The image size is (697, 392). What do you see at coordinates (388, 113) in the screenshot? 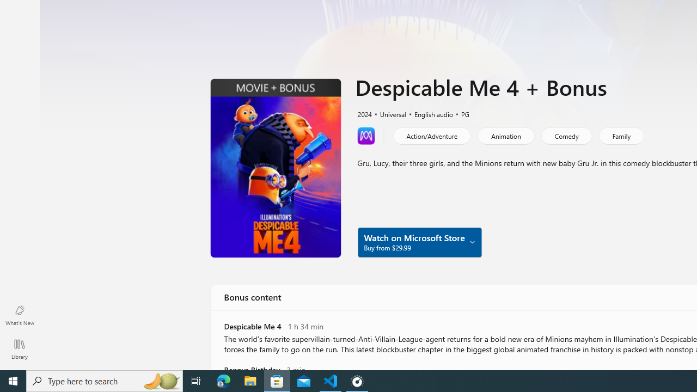
I see `'Universal'` at bounding box center [388, 113].